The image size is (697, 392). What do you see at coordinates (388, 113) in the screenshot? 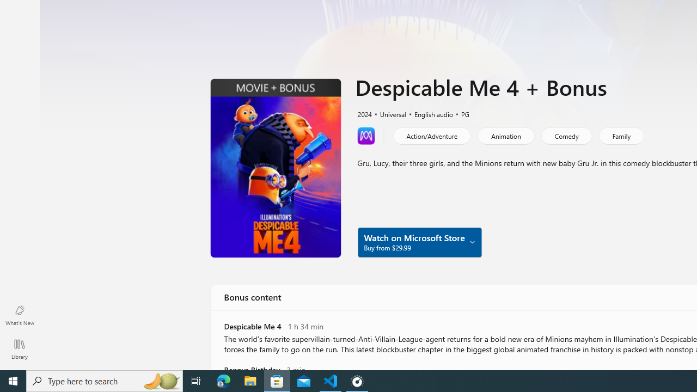
I see `'Universal'` at bounding box center [388, 113].